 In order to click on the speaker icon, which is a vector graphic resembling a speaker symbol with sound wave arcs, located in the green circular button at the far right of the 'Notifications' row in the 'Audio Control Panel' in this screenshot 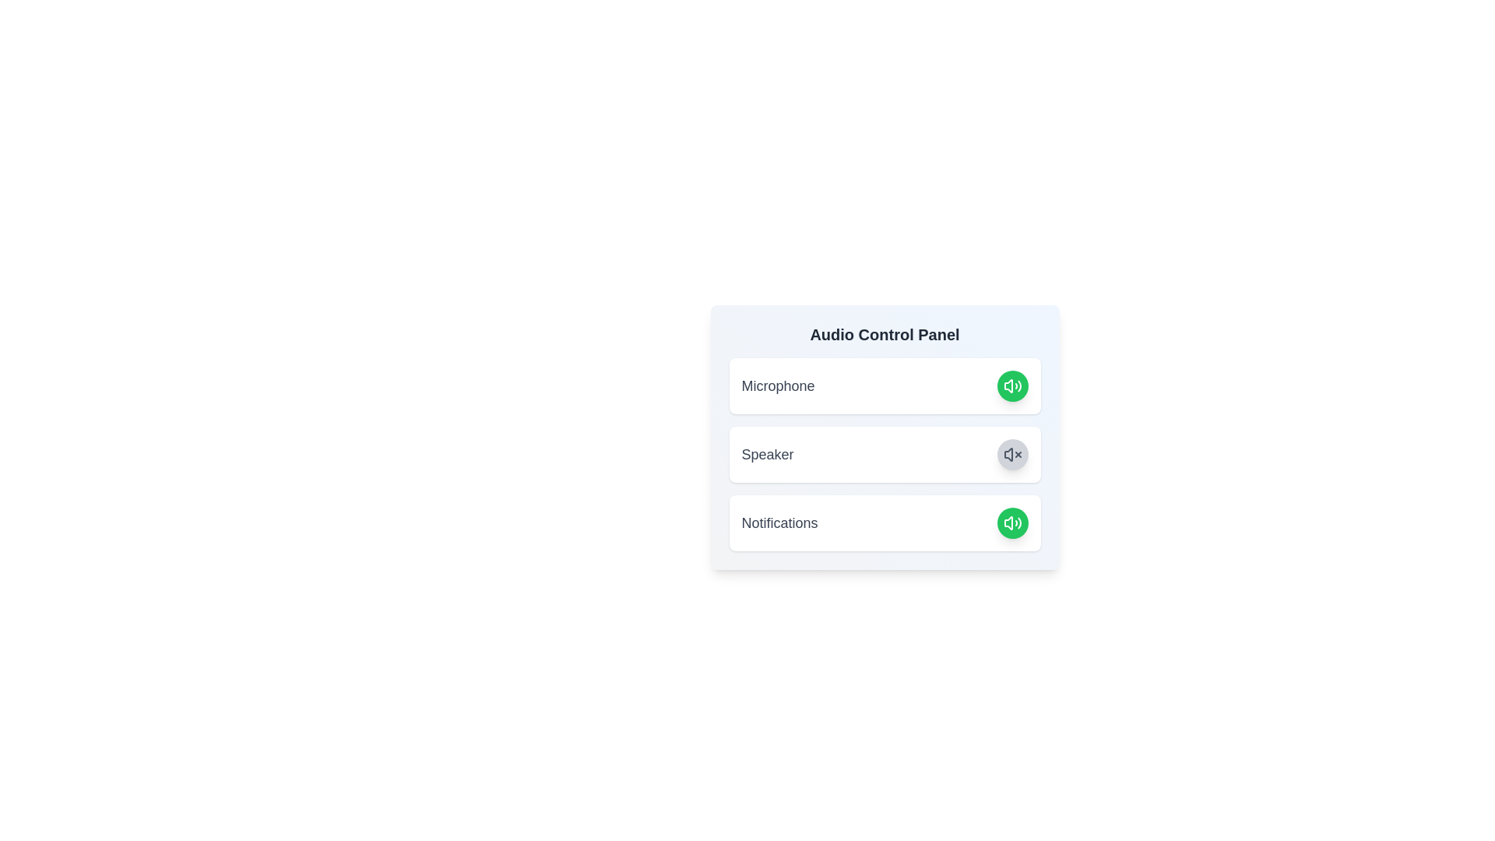, I will do `click(1012, 385)`.